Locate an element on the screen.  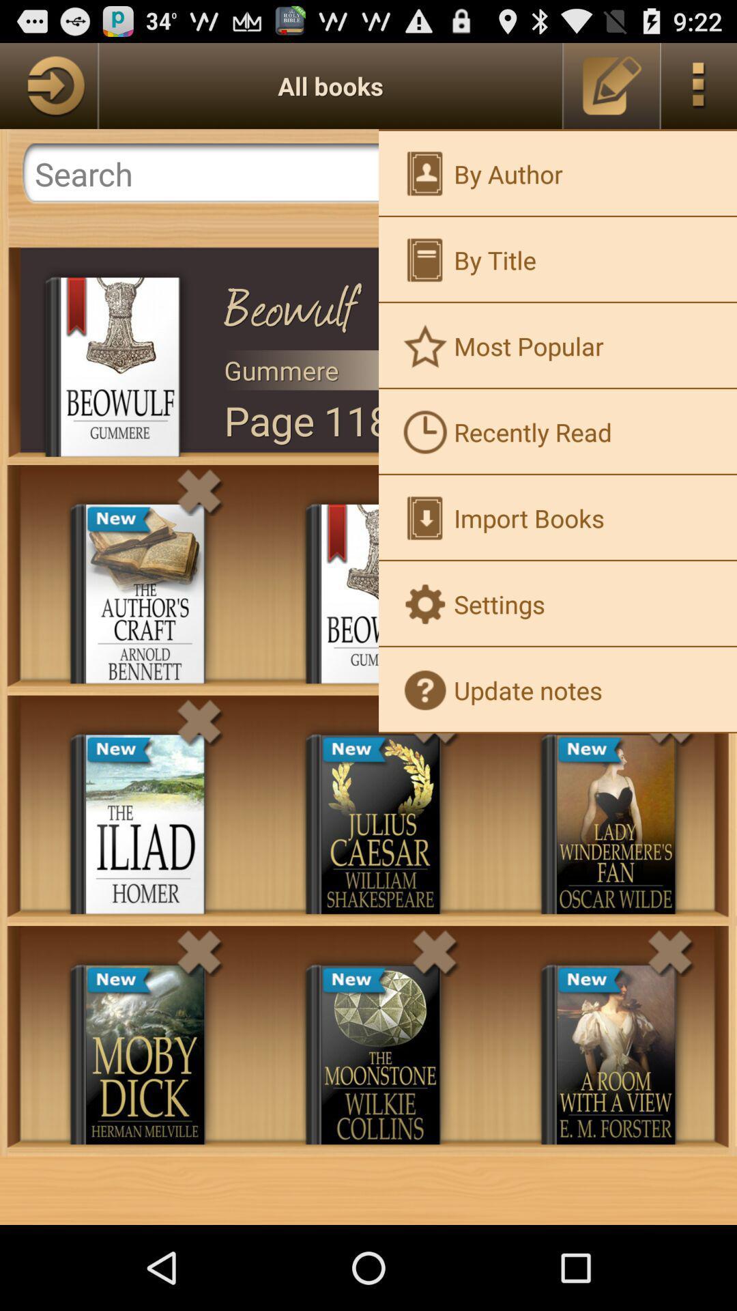
the arrow_forward icon is located at coordinates (48, 91).